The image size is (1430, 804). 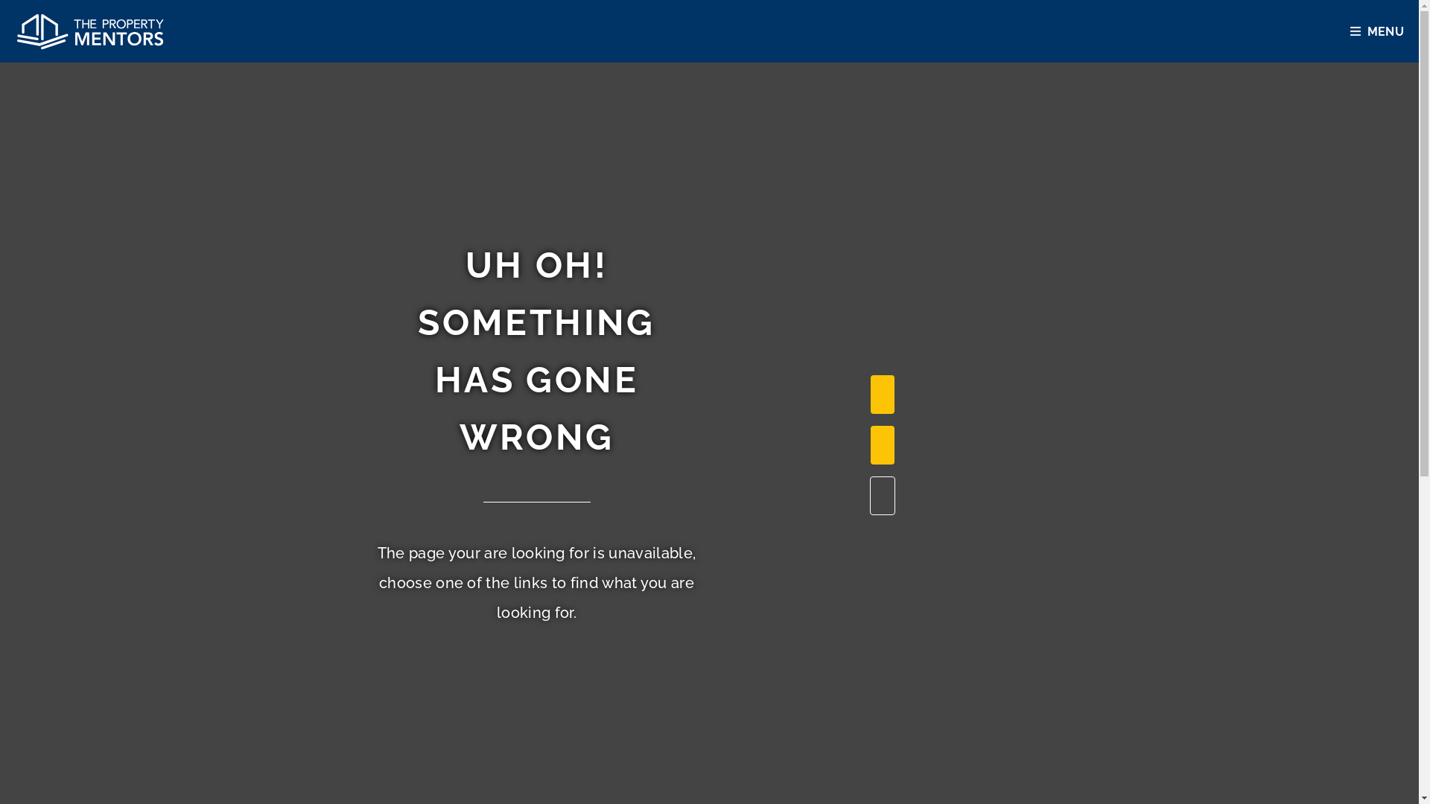 I want to click on 'MENU', so click(x=1379, y=31).